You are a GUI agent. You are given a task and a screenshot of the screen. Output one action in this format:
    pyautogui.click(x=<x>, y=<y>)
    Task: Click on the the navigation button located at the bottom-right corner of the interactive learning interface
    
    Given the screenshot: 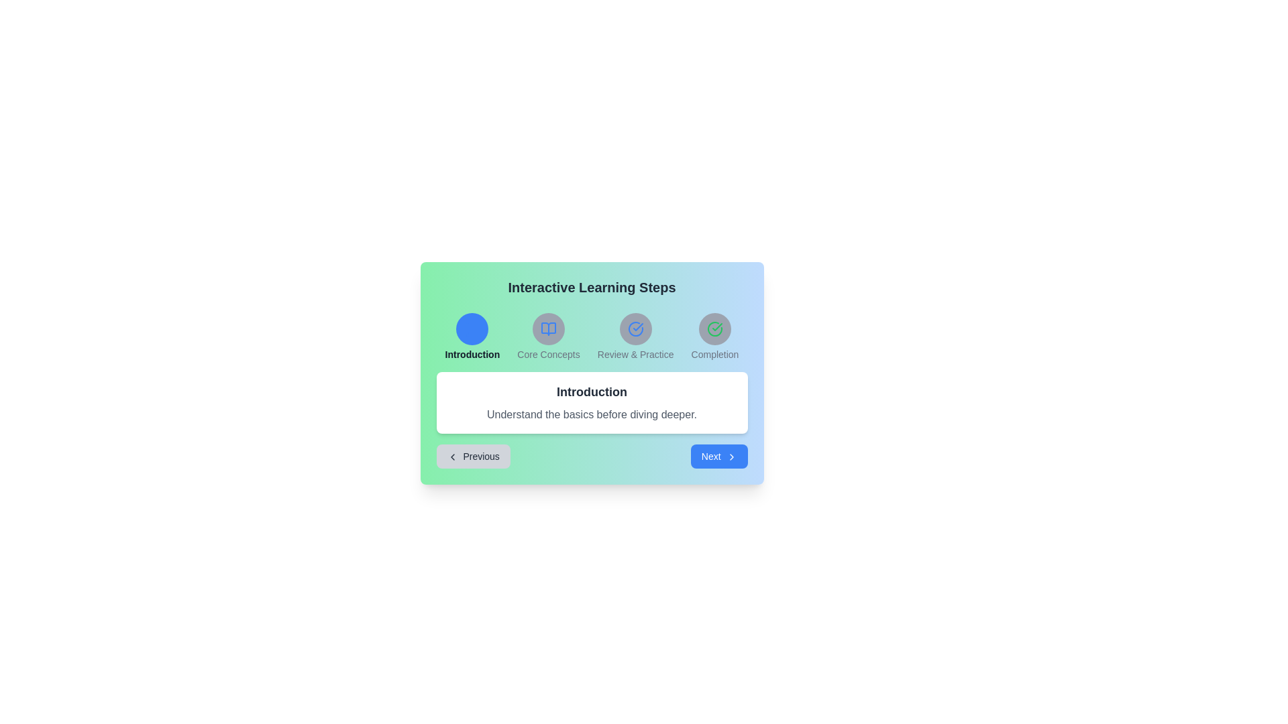 What is the action you would take?
    pyautogui.click(x=473, y=456)
    